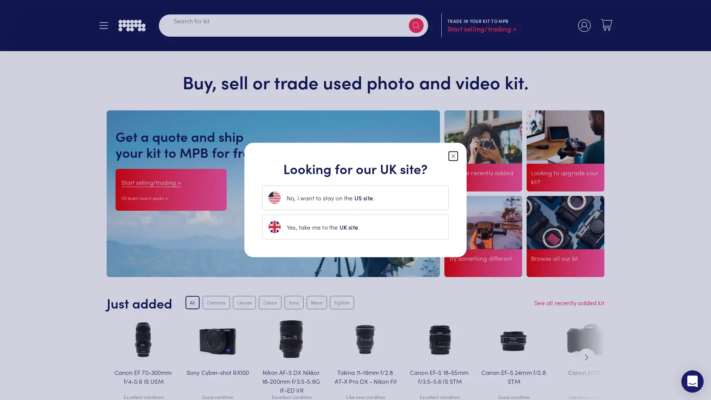 The image size is (711, 400). What do you see at coordinates (551, 192) in the screenshot?
I see `Sell or trade` at bounding box center [551, 192].